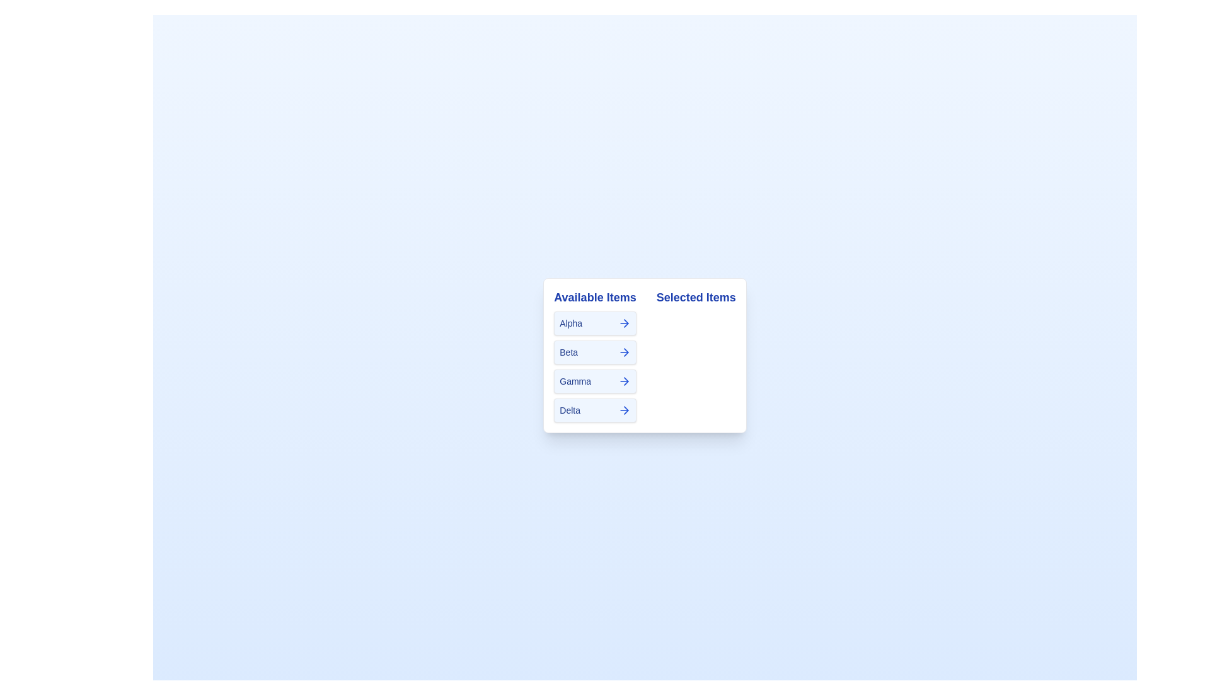 The image size is (1210, 681). Describe the element at coordinates (624, 352) in the screenshot. I see `arrow button next to the item Beta to transfer it to the 'Selected Items' list` at that location.